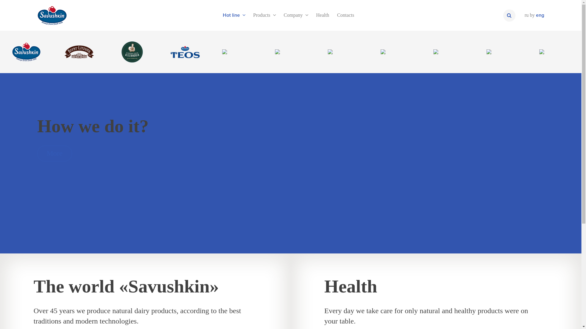  Describe the element at coordinates (322, 15) in the screenshot. I see `'Health'` at that location.